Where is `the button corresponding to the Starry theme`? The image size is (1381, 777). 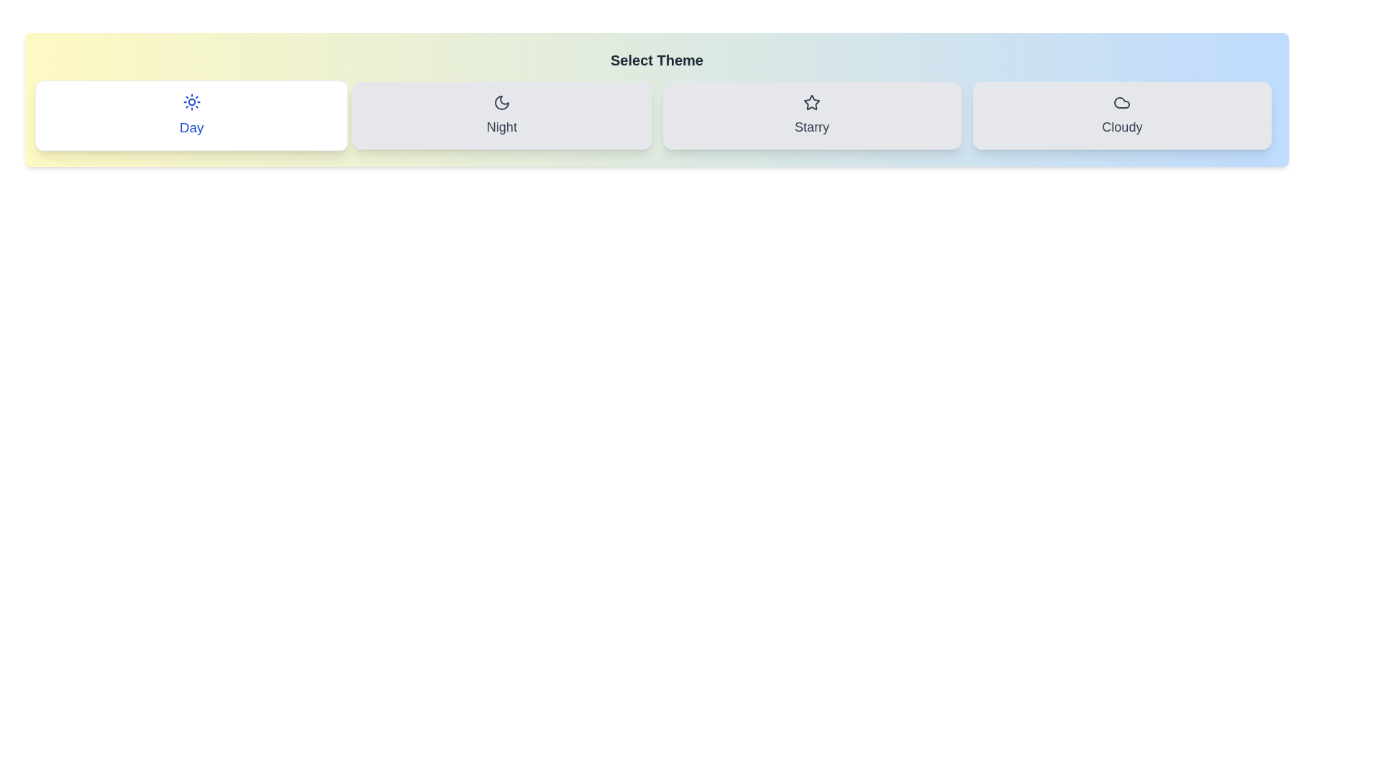
the button corresponding to the Starry theme is located at coordinates (812, 115).